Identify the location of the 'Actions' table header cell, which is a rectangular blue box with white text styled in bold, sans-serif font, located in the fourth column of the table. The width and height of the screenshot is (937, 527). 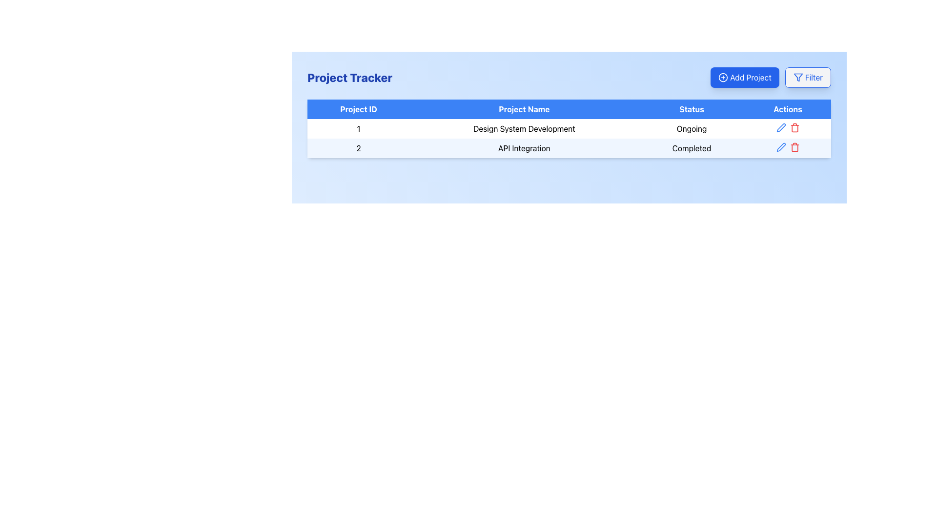
(788, 109).